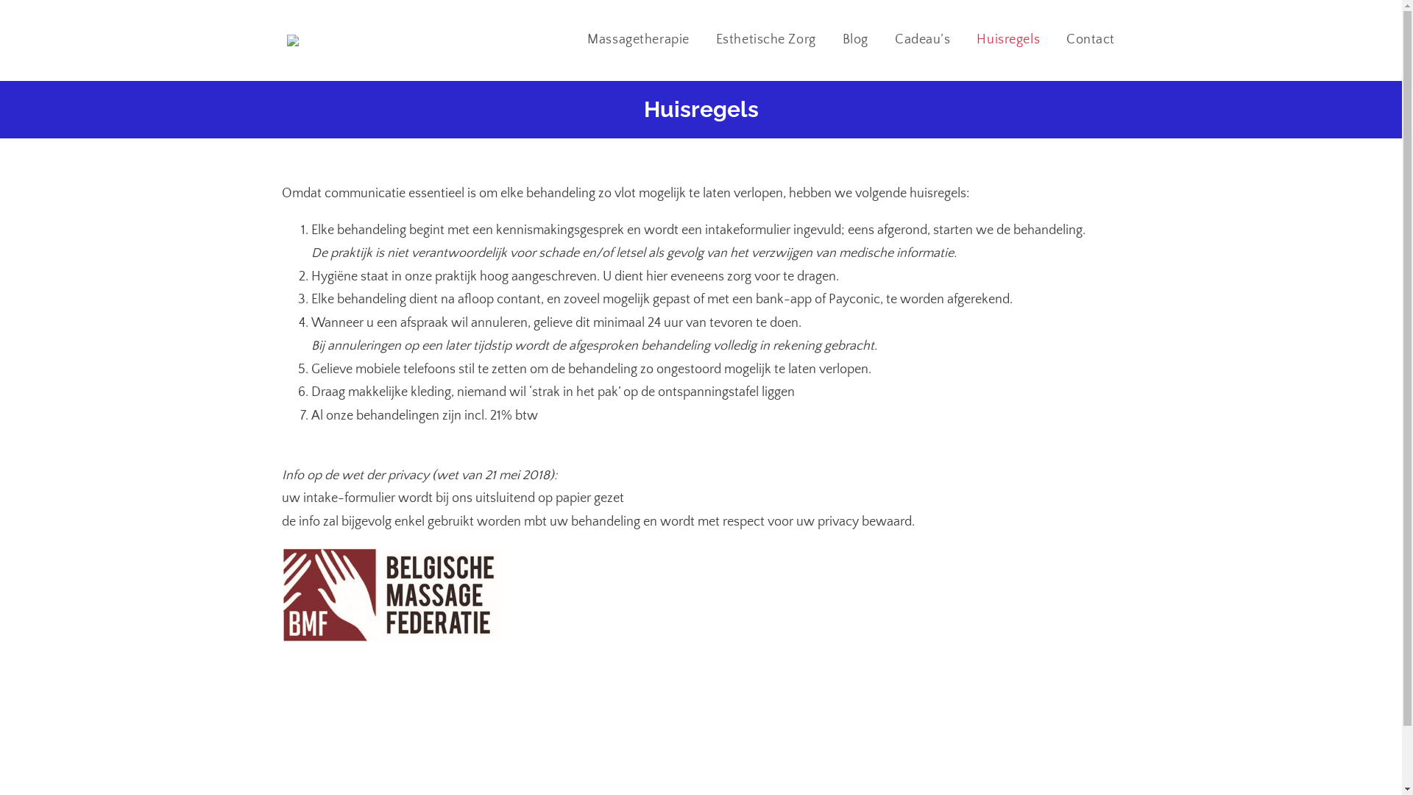 This screenshot has width=1413, height=795. I want to click on 'Esthetische Zorg', so click(765, 39).